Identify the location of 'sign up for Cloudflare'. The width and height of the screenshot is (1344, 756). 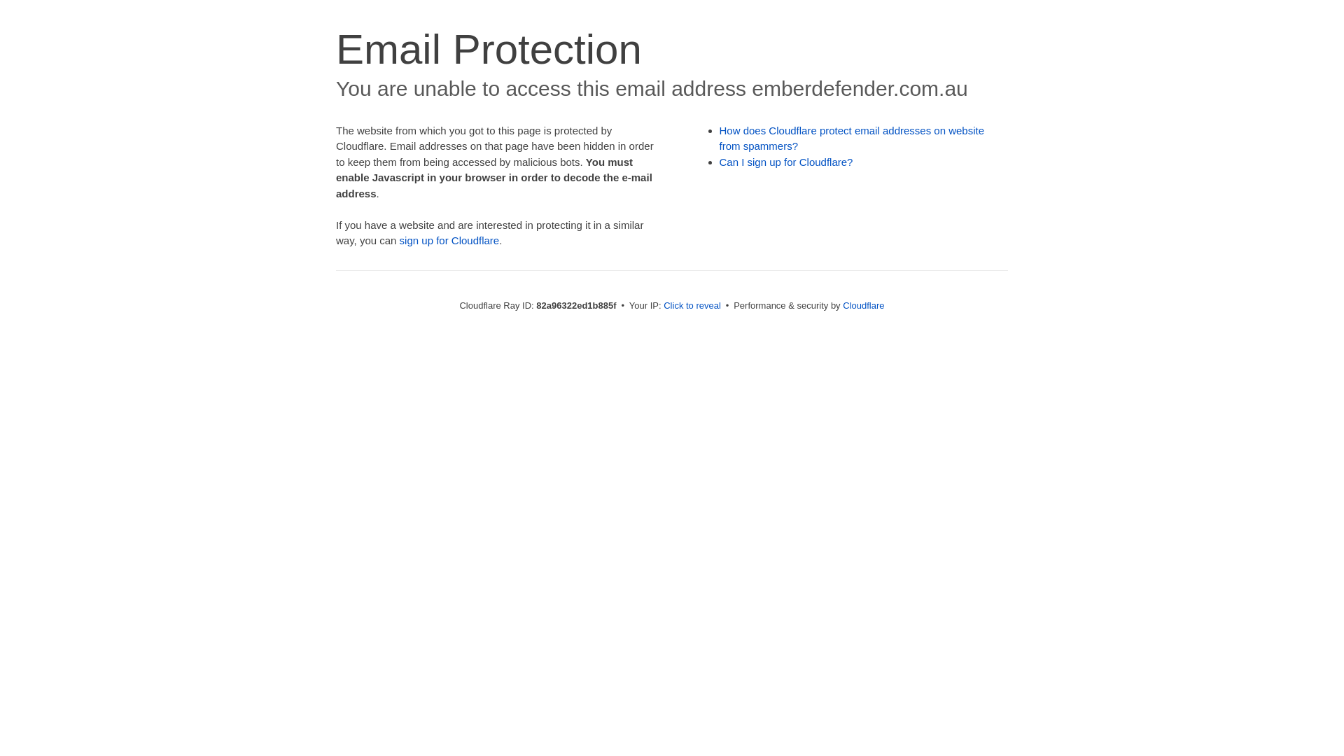
(449, 239).